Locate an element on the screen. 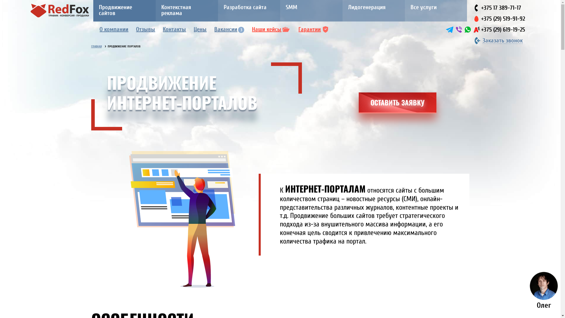 The height and width of the screenshot is (318, 565). '+375 17 389-71-17' is located at coordinates (501, 8).